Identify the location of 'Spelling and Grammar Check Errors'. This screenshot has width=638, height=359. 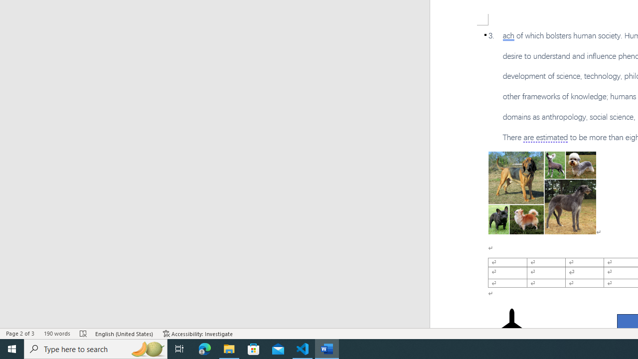
(84, 334).